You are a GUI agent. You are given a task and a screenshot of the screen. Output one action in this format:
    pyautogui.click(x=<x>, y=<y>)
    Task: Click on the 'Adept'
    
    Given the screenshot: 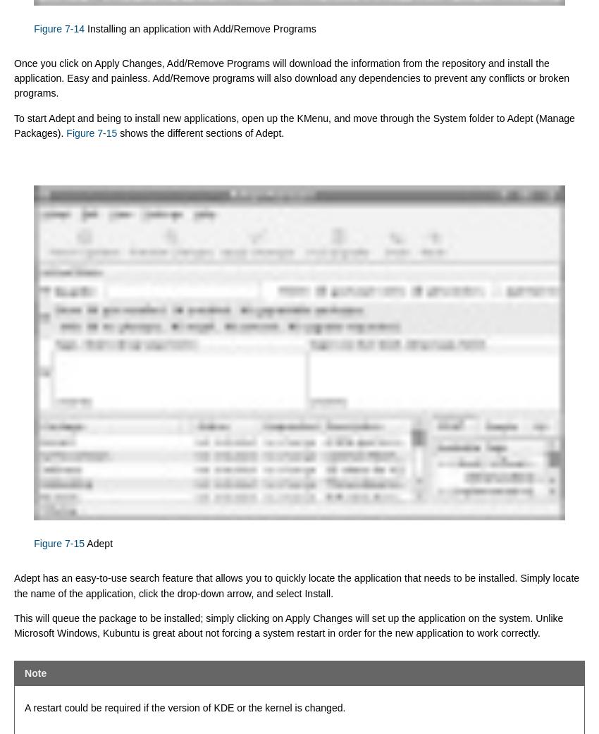 What is the action you would take?
    pyautogui.click(x=98, y=543)
    